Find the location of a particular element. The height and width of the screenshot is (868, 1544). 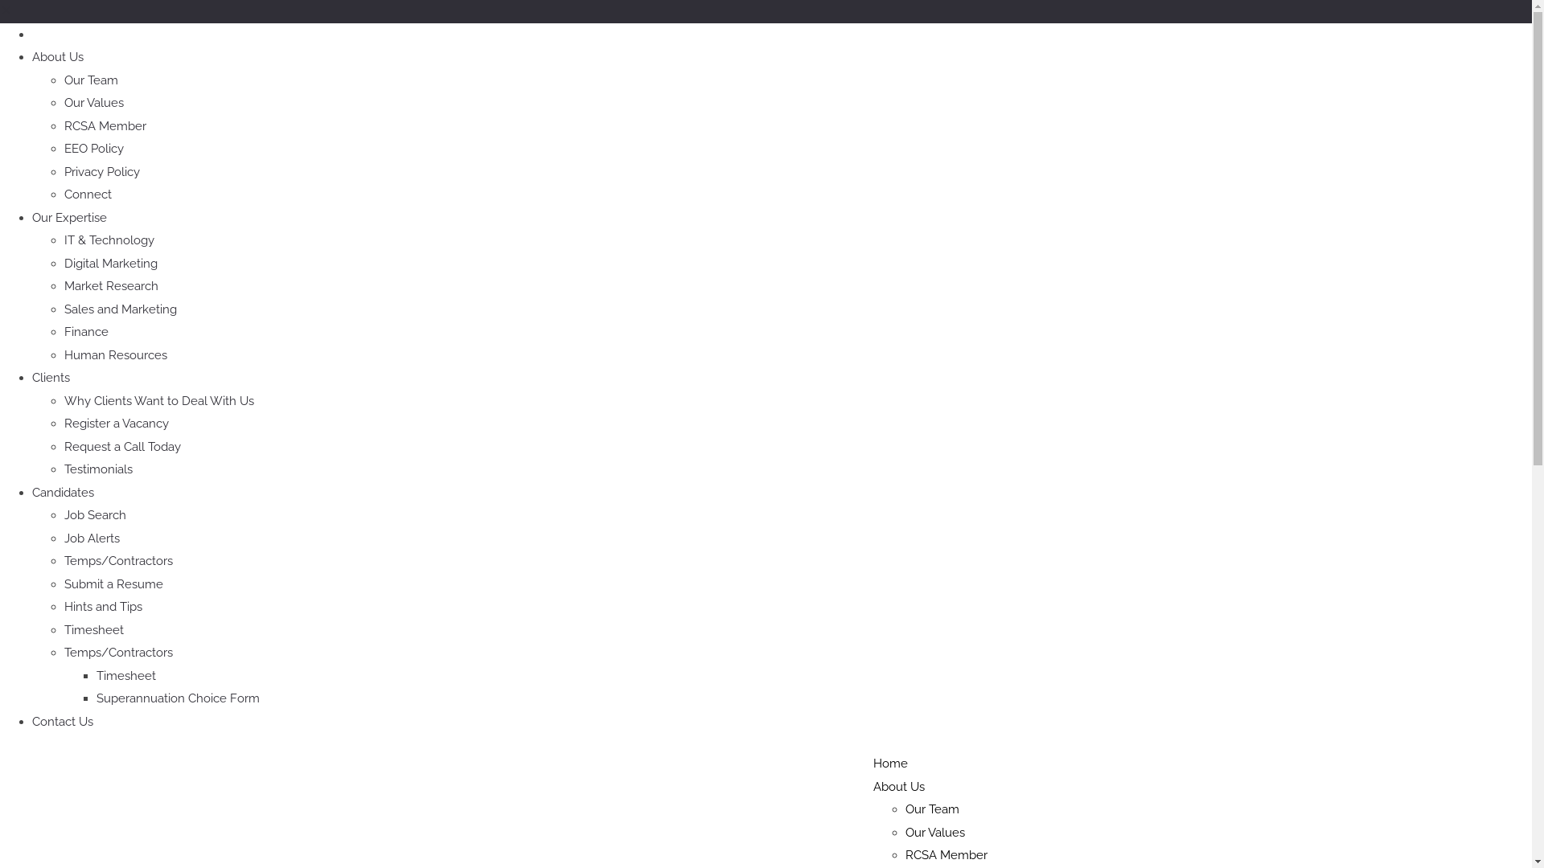

'Sales and Marketing' is located at coordinates (119, 309).